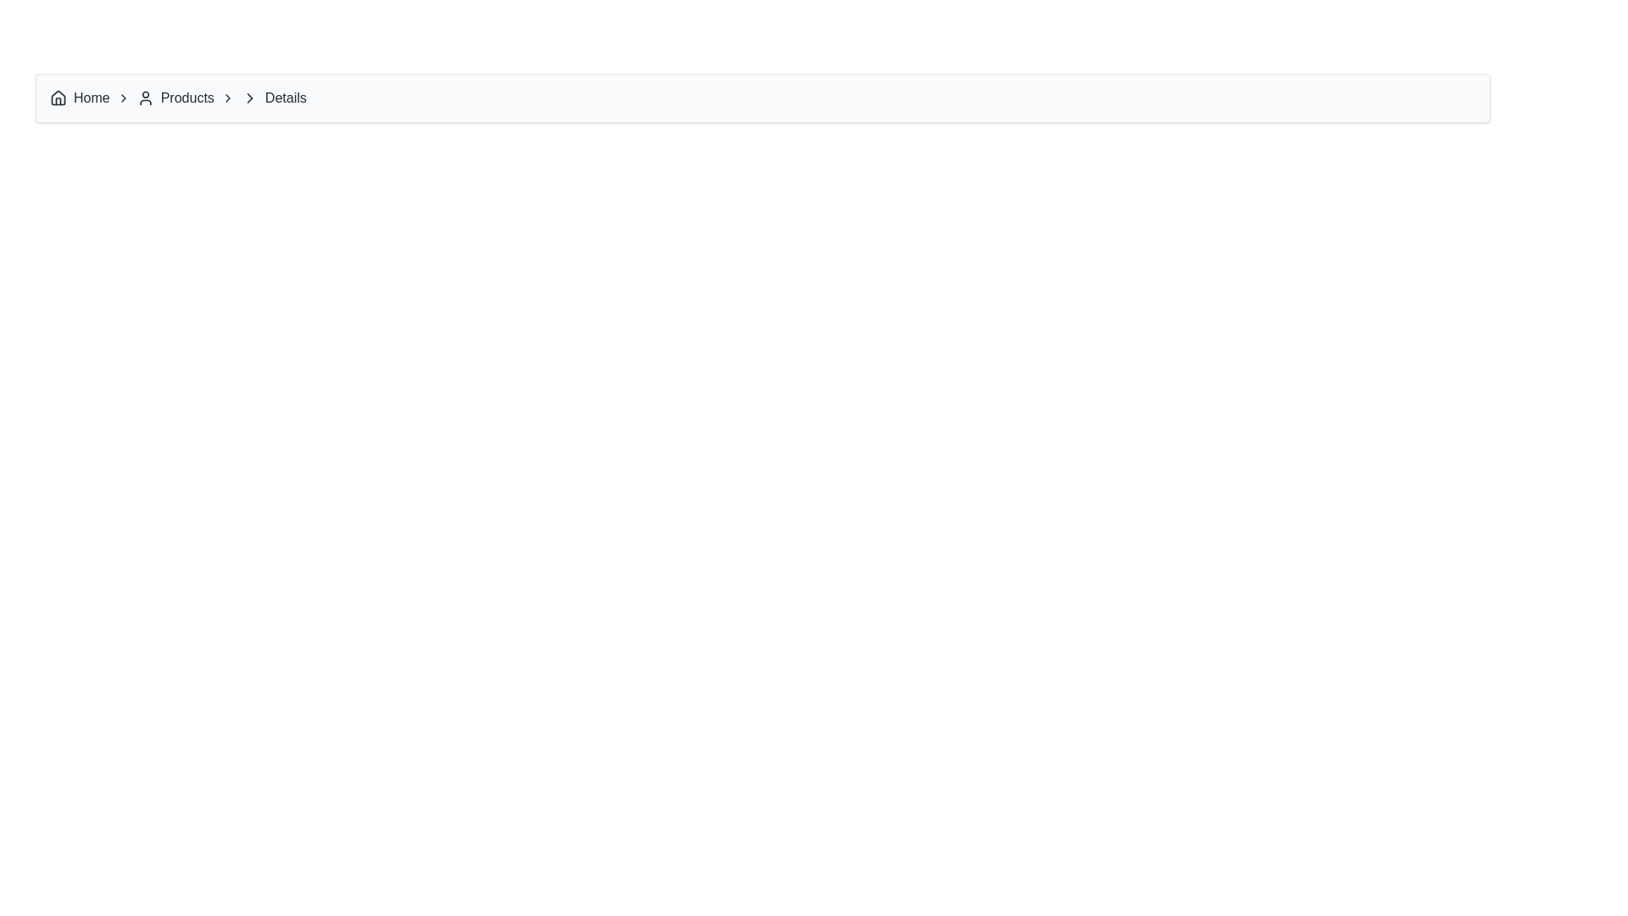  What do you see at coordinates (286, 98) in the screenshot?
I see `the far-right Text label of the breadcrumb navigation that indicates the current context or location, following the 'Products' label and a chevron icon` at bounding box center [286, 98].